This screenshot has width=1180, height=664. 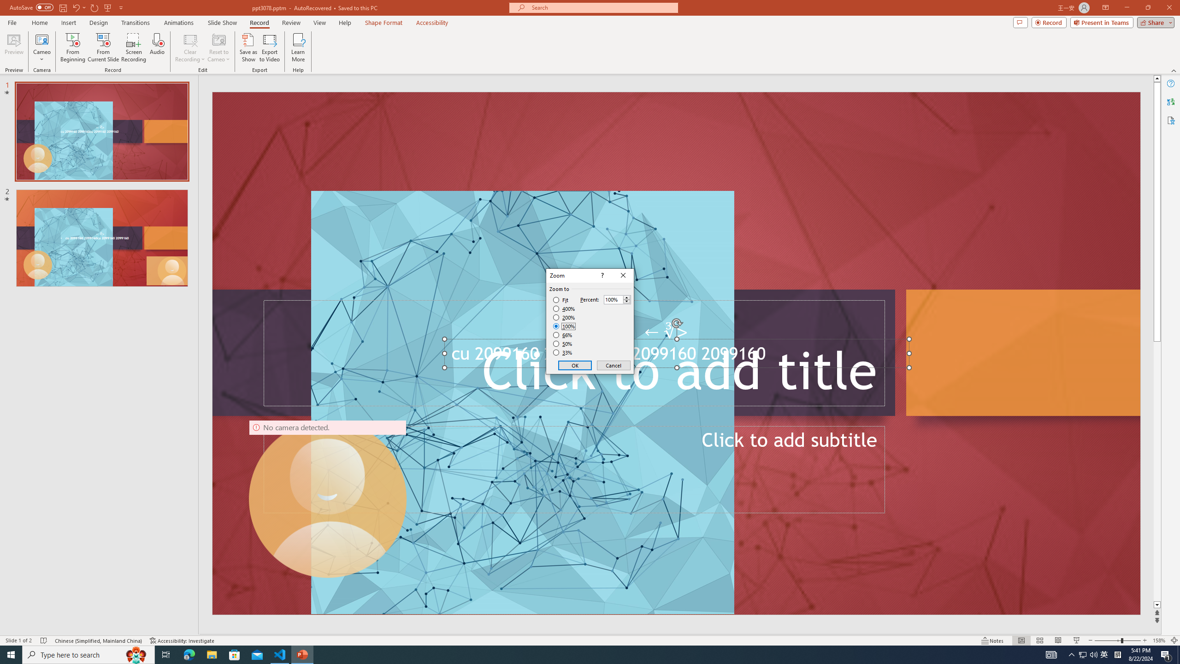 I want to click on 'TextBox 7', so click(x=667, y=332).